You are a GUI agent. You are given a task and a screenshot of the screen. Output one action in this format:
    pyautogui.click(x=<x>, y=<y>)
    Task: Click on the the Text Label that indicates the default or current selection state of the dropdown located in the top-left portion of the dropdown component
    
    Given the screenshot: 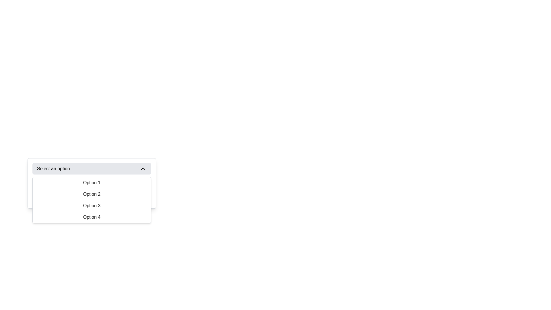 What is the action you would take?
    pyautogui.click(x=53, y=168)
    